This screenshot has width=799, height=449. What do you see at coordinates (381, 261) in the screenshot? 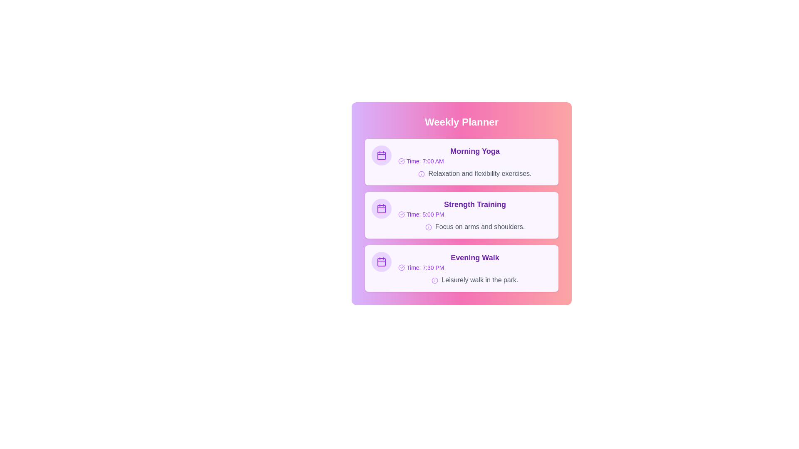
I see `the icon for Evening Walk to interact with it` at bounding box center [381, 261].